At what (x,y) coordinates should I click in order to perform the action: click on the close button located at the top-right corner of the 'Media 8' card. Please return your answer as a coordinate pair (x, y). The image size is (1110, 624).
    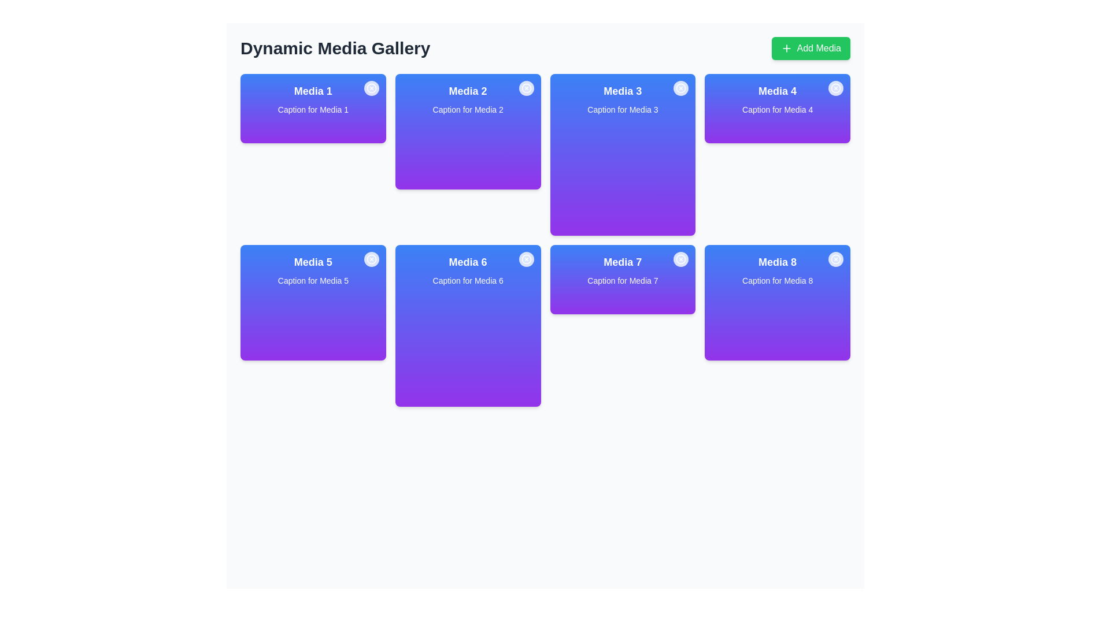
    Looking at the image, I should click on (835, 258).